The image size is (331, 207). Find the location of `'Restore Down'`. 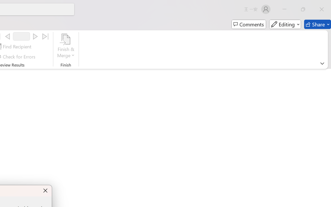

'Restore Down' is located at coordinates (303, 9).